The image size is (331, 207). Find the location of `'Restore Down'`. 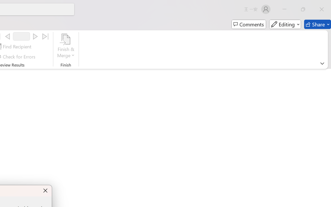

'Restore Down' is located at coordinates (303, 9).